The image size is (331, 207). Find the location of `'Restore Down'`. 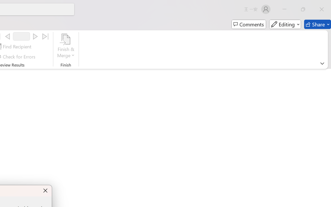

'Restore Down' is located at coordinates (303, 9).